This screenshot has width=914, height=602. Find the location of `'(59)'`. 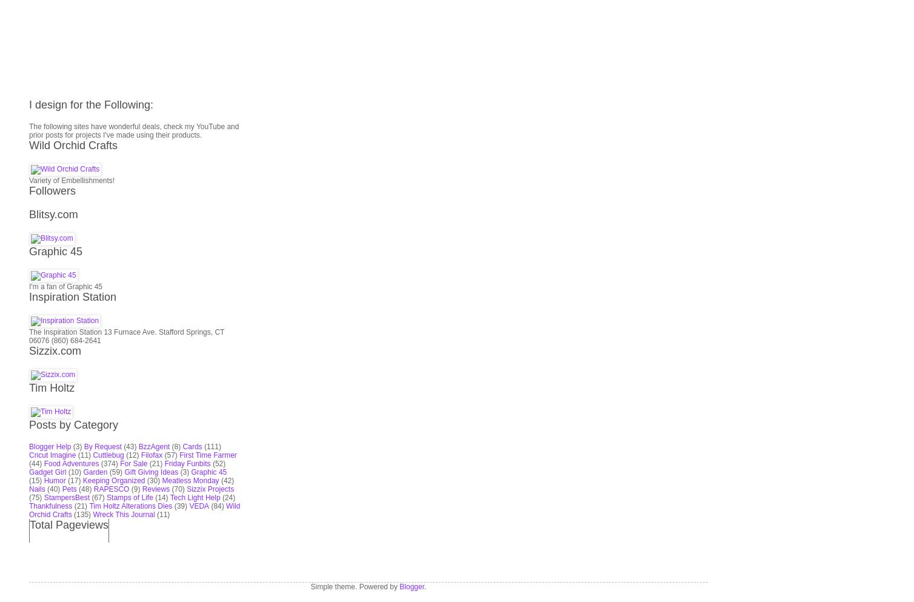

'(59)' is located at coordinates (115, 326).